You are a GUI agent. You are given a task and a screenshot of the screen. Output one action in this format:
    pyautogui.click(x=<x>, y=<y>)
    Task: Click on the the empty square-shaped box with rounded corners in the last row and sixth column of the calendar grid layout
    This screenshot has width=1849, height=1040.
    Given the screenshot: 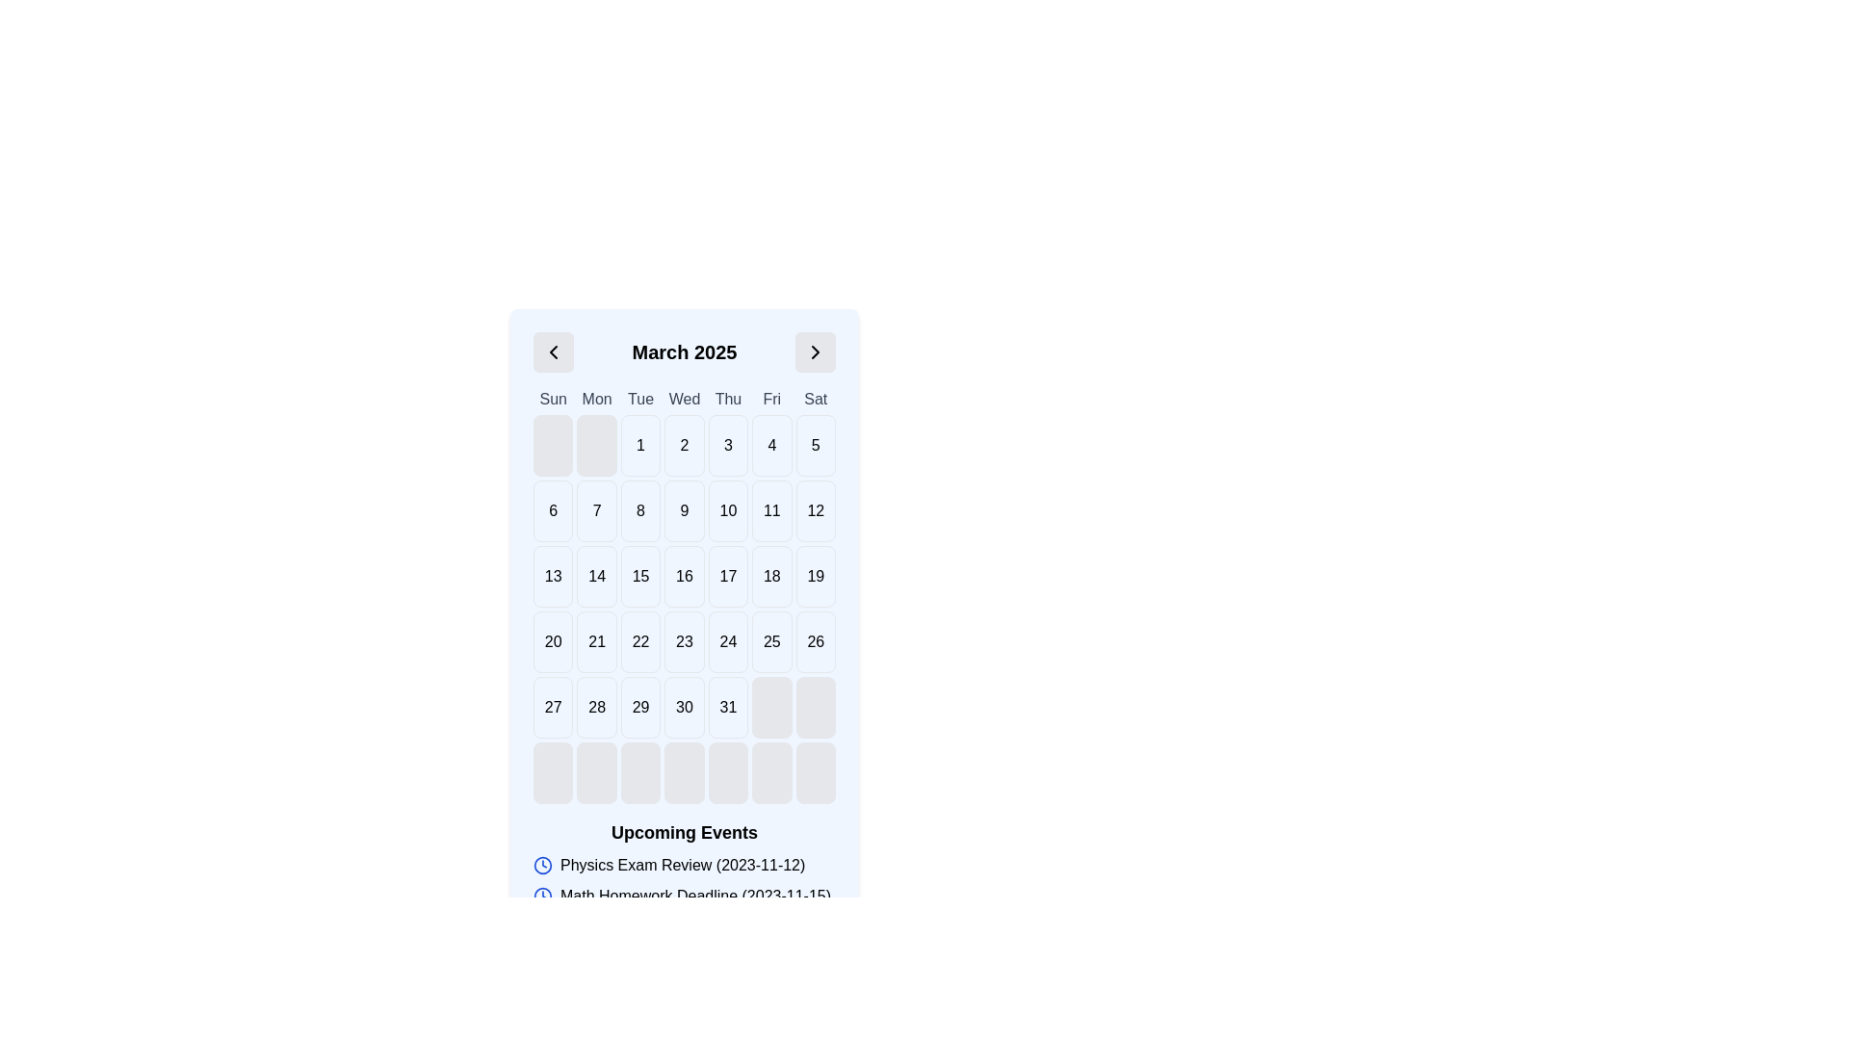 What is the action you would take?
    pyautogui.click(x=771, y=771)
    